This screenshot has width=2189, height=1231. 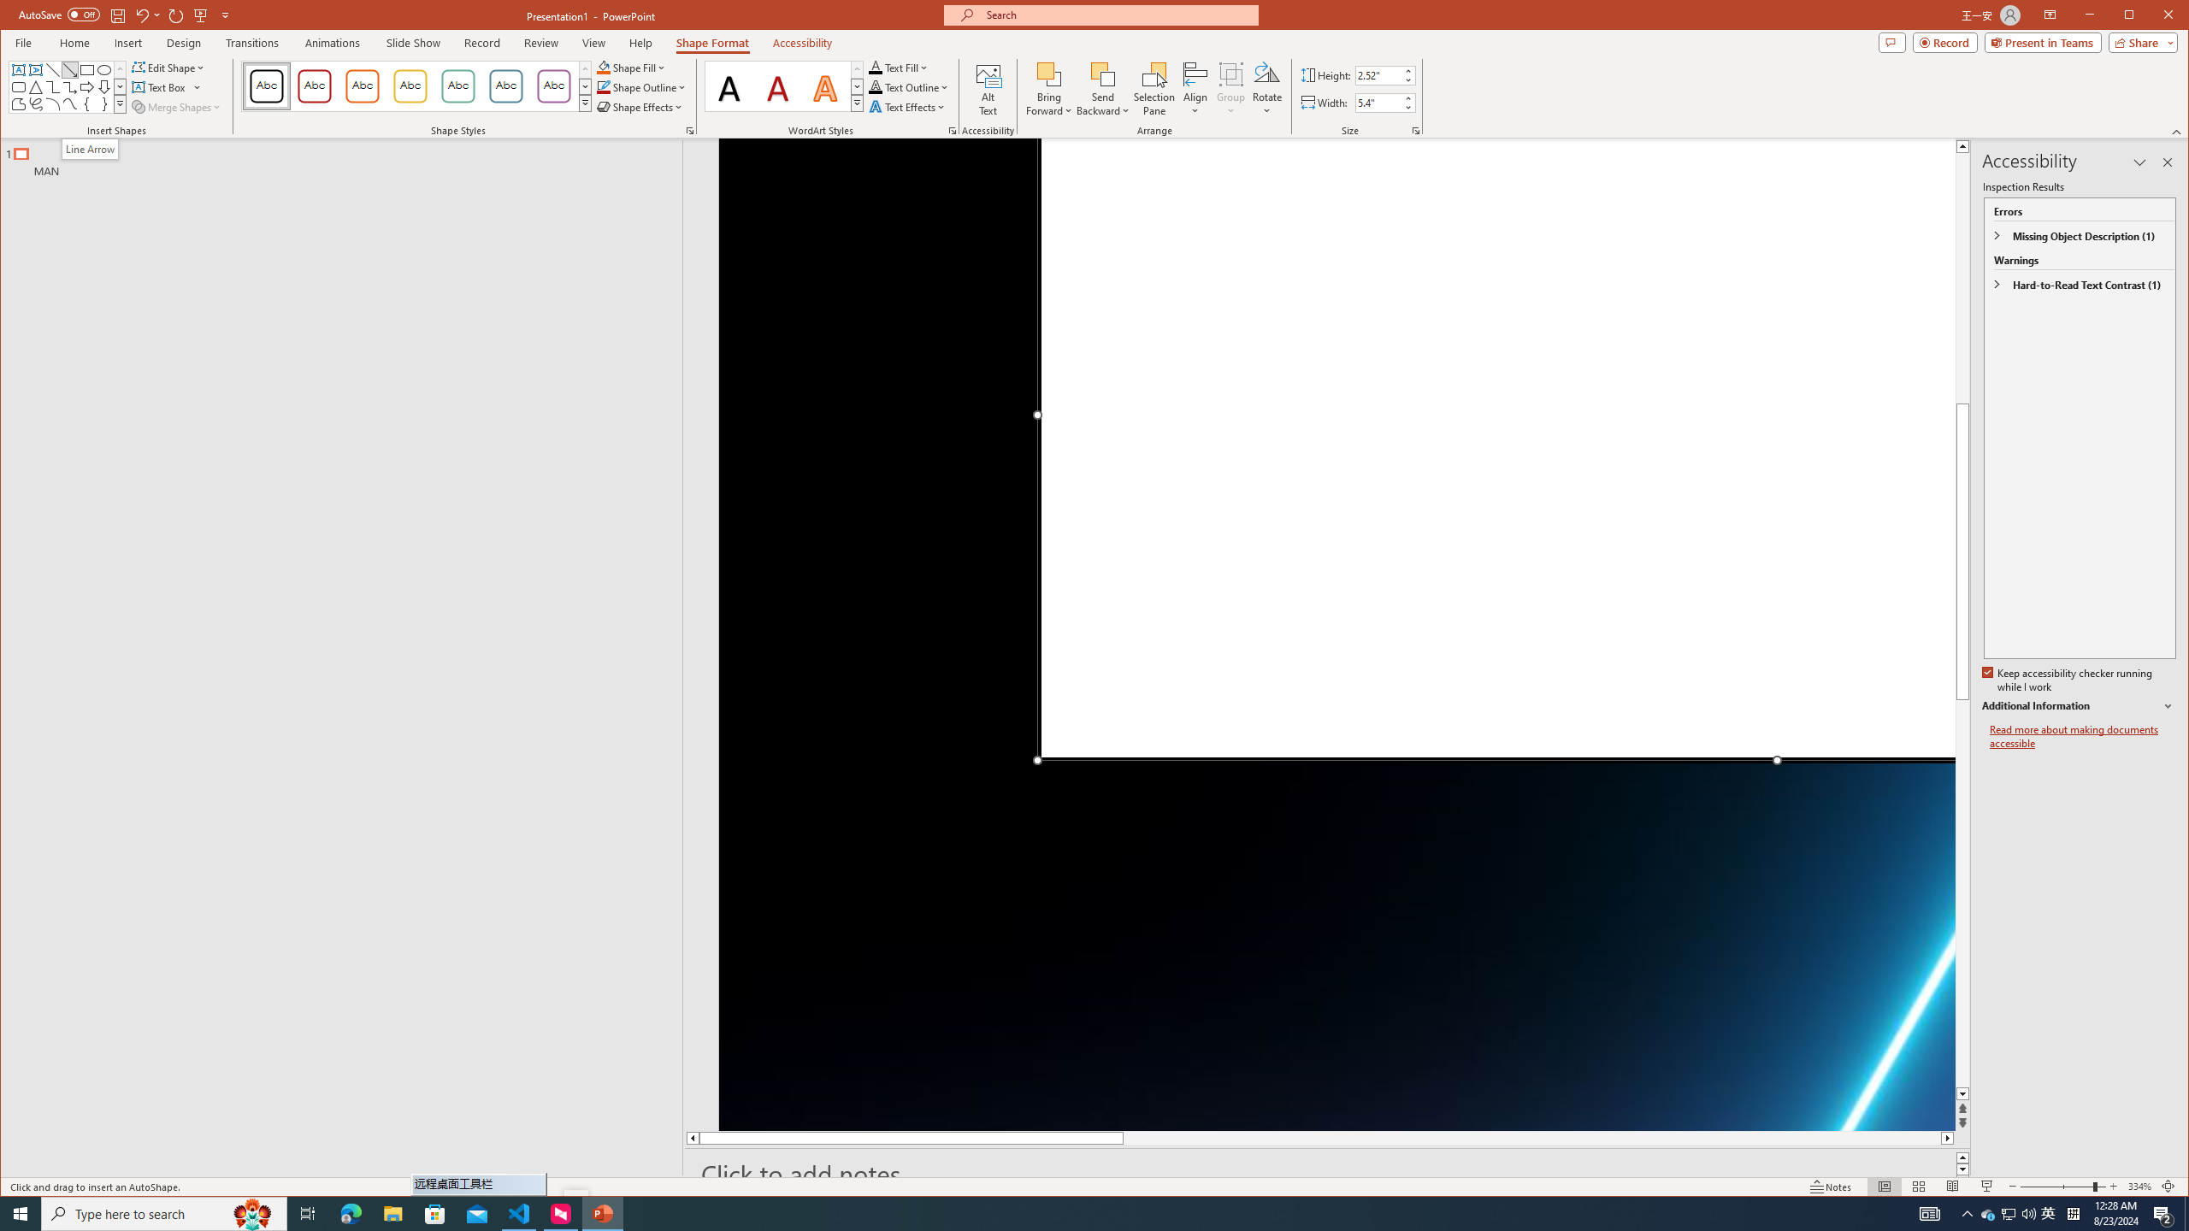 What do you see at coordinates (731, 85) in the screenshot?
I see `'Fill: Black, Text color 1; Shadow'` at bounding box center [731, 85].